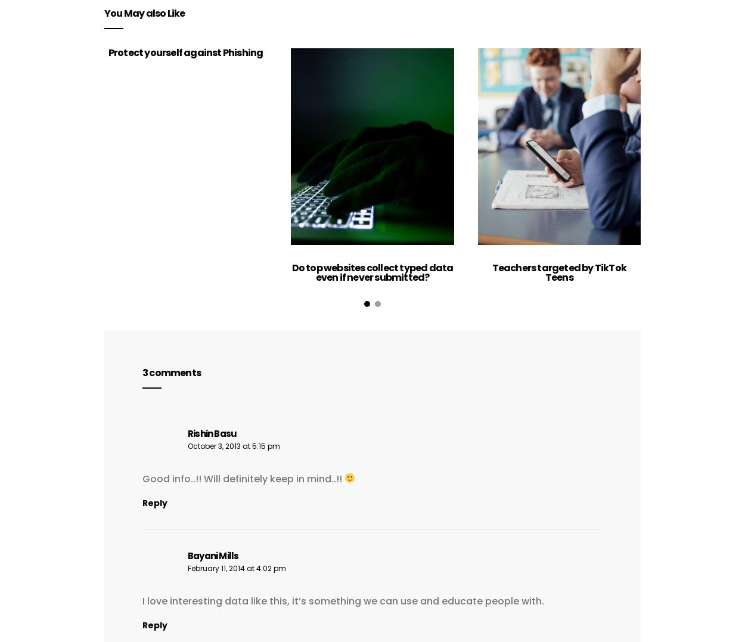  Describe the element at coordinates (187, 433) in the screenshot. I see `'Rishin Basu'` at that location.